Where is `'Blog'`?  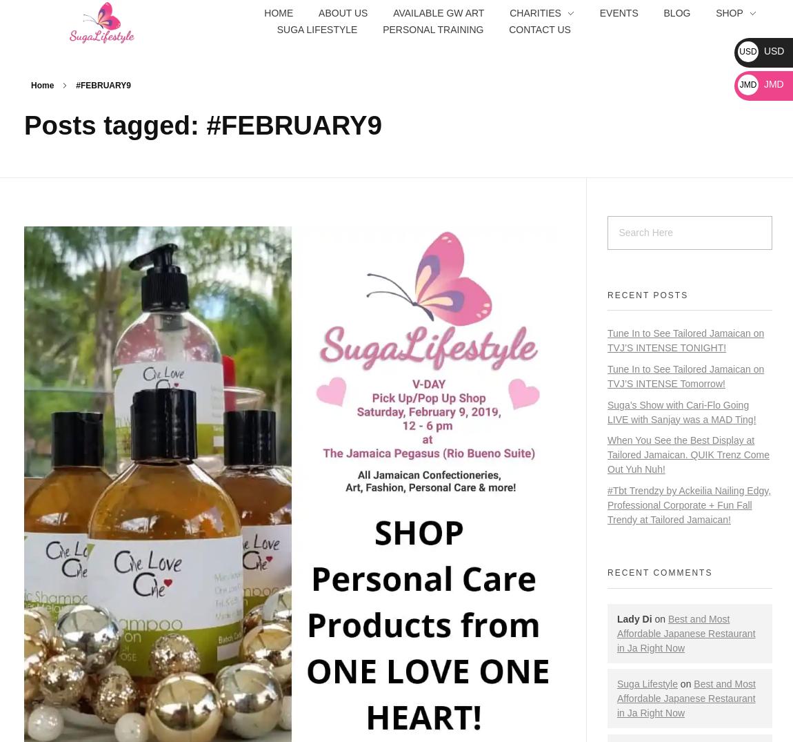 'Blog' is located at coordinates (676, 11).